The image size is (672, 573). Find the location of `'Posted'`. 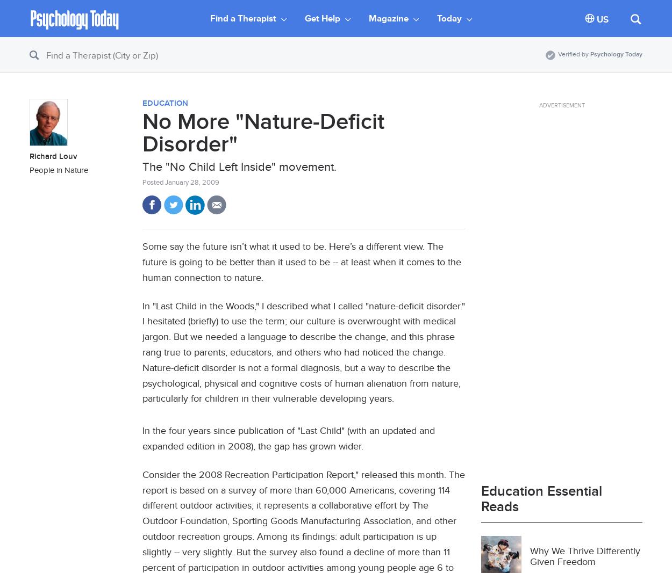

'Posted' is located at coordinates (154, 182).